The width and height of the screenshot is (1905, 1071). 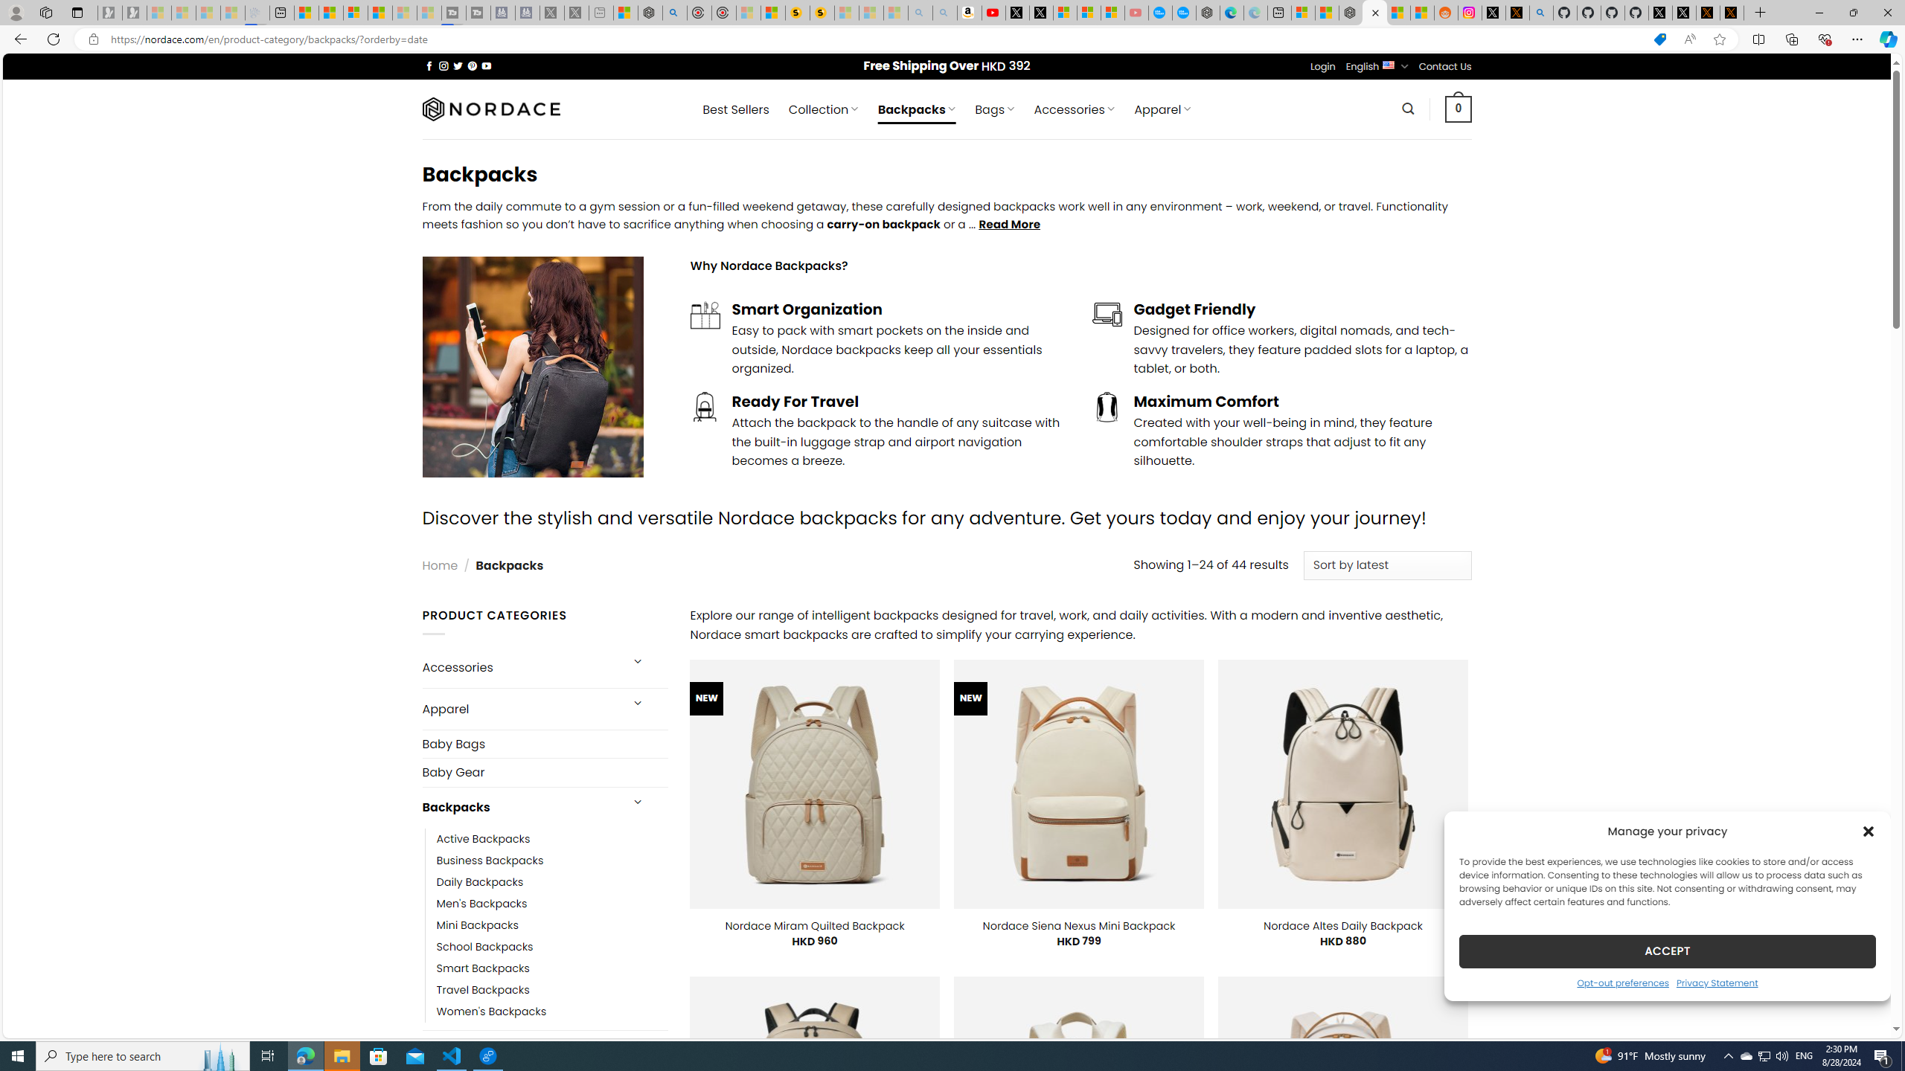 I want to click on 'Smart Backpacks', so click(x=551, y=968).